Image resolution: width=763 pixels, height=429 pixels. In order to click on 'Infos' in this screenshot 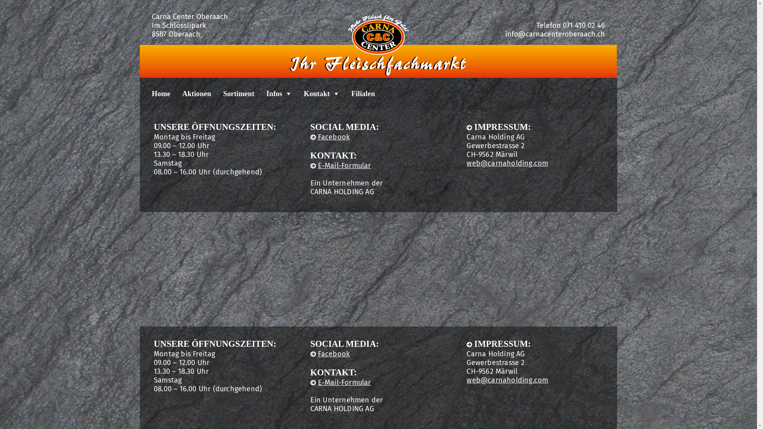, I will do `click(273, 93)`.